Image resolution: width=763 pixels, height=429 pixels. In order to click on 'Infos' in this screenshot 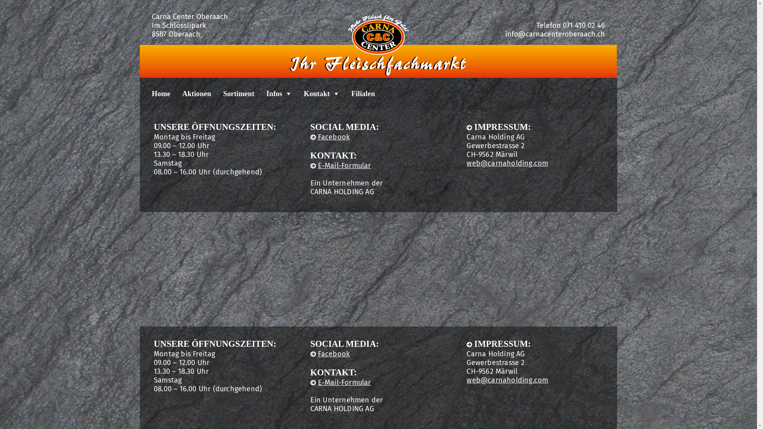, I will do `click(273, 93)`.